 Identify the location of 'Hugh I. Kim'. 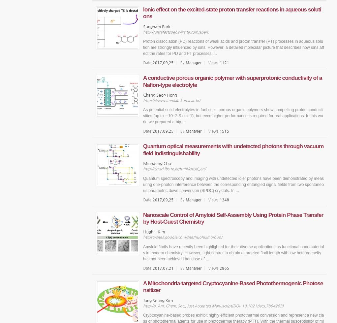
(153, 231).